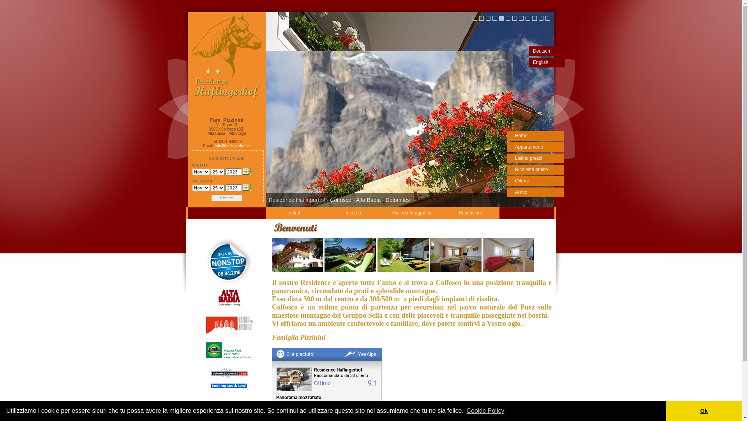 The image size is (748, 421). Describe the element at coordinates (233, 188) in the screenshot. I see `'Year'` at that location.